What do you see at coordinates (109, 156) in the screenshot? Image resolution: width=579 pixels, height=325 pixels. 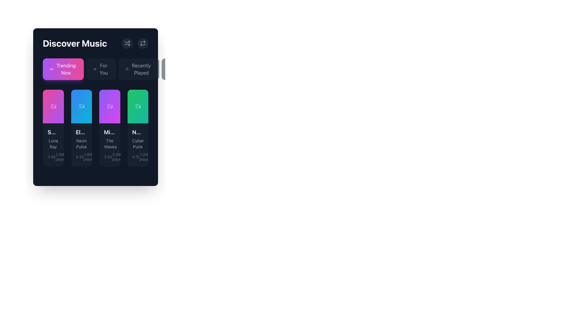 I see `the information display text element that shows '3:55' and '3.2M plays' at the bottom of the 'Midnight Drive' card` at bounding box center [109, 156].